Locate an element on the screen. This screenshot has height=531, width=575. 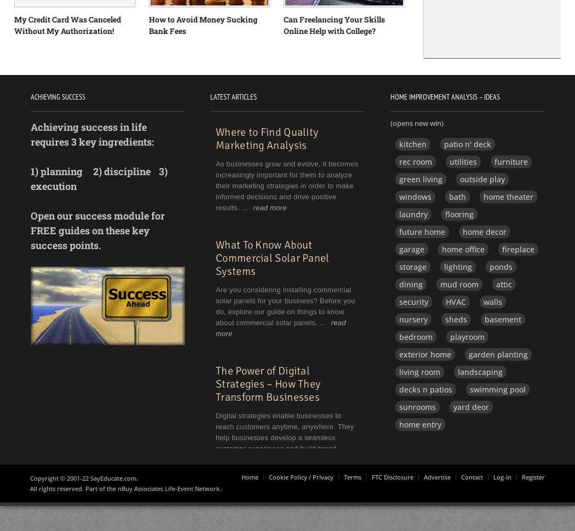
'sunrooms' is located at coordinates (417, 406).